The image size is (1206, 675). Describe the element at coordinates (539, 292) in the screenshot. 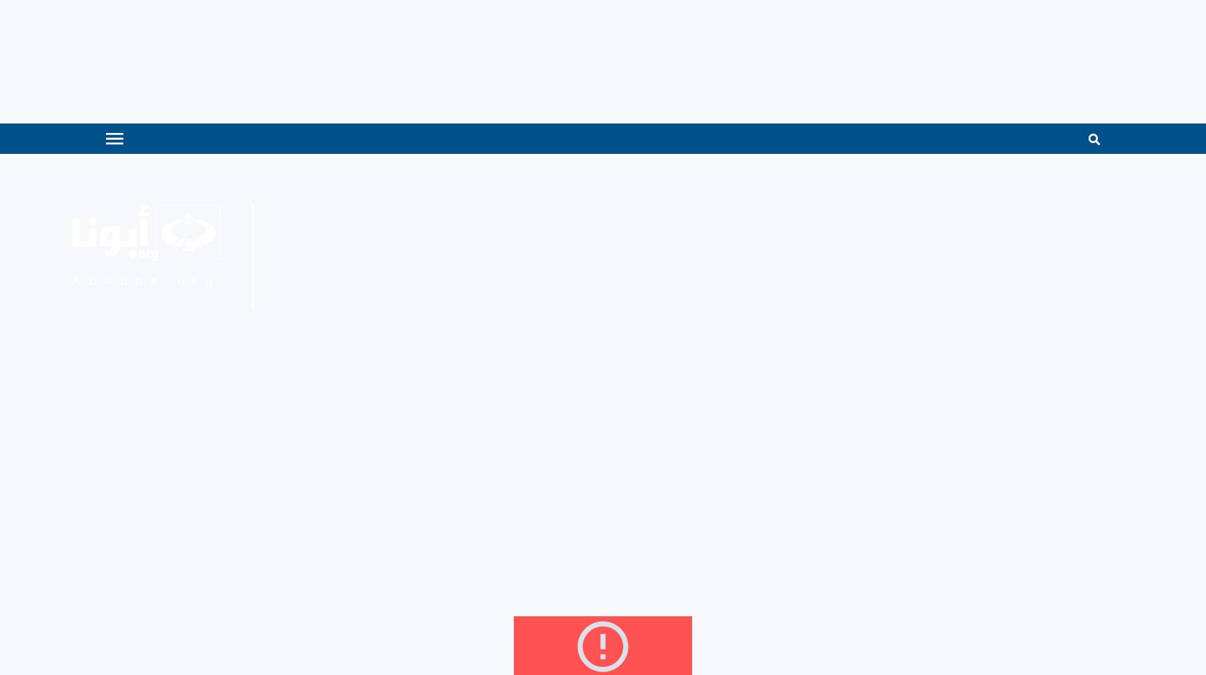

I see `'abouna.org@gmail.com'` at that location.